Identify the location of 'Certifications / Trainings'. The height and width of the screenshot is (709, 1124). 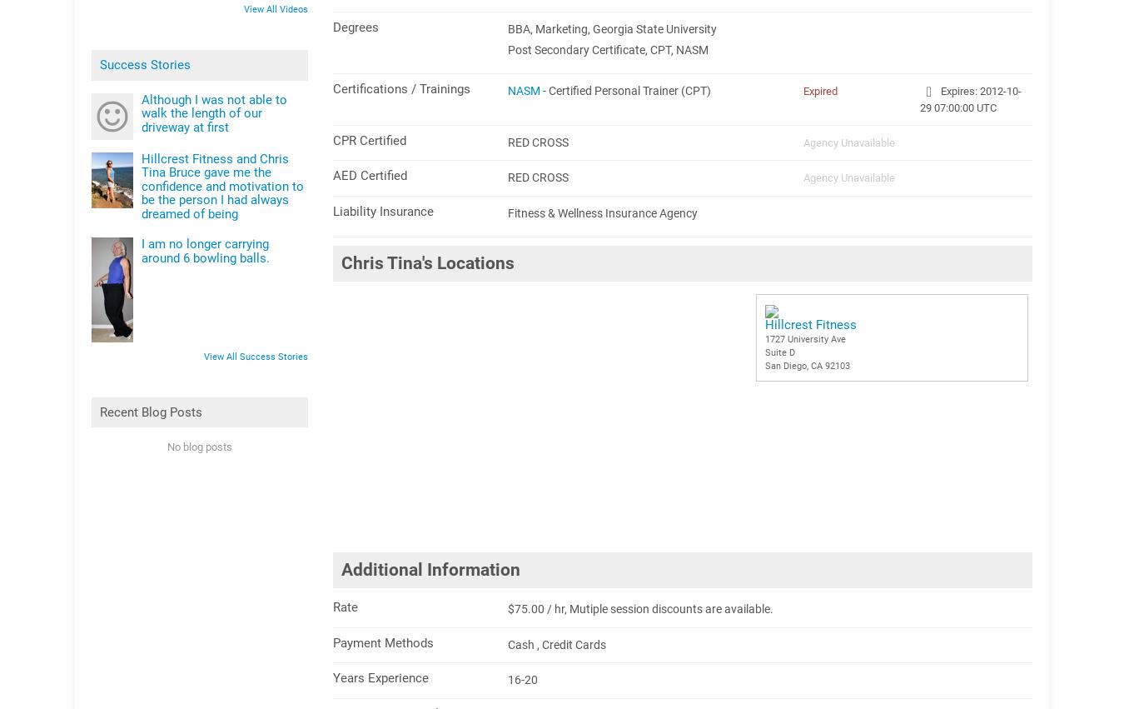
(400, 87).